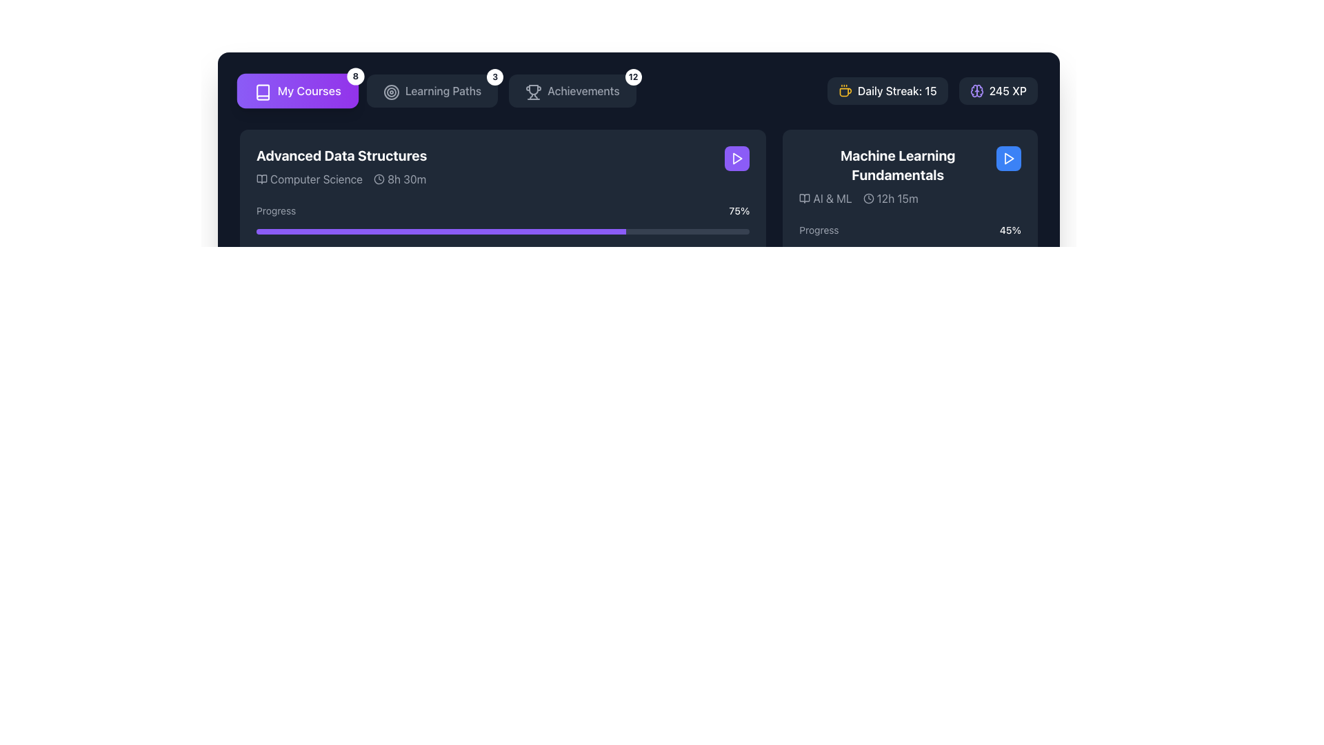 This screenshot has width=1324, height=745. I want to click on text 'Learning Paths' from the text label located in the horizontal navigation bar, which is styled with a medium weight font and positioned between an icon and a notification badge, so click(443, 90).